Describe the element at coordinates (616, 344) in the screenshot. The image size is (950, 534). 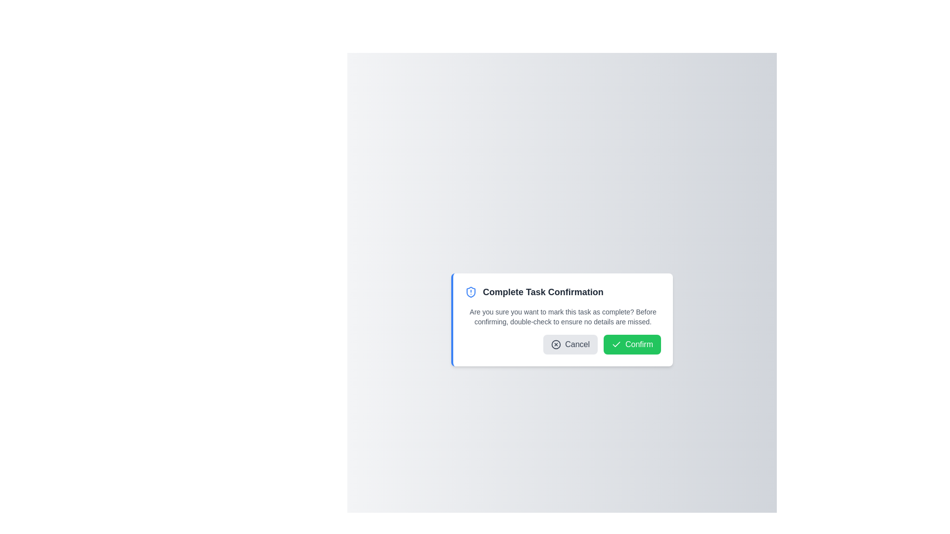
I see `the green checkmark icon located within the green confirm button at the bottom-right corner of the confirmation dialog box` at that location.